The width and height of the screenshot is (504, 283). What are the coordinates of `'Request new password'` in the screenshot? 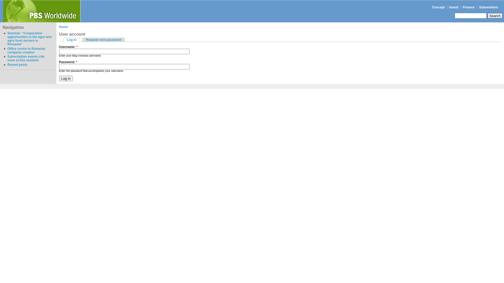 It's located at (82, 39).